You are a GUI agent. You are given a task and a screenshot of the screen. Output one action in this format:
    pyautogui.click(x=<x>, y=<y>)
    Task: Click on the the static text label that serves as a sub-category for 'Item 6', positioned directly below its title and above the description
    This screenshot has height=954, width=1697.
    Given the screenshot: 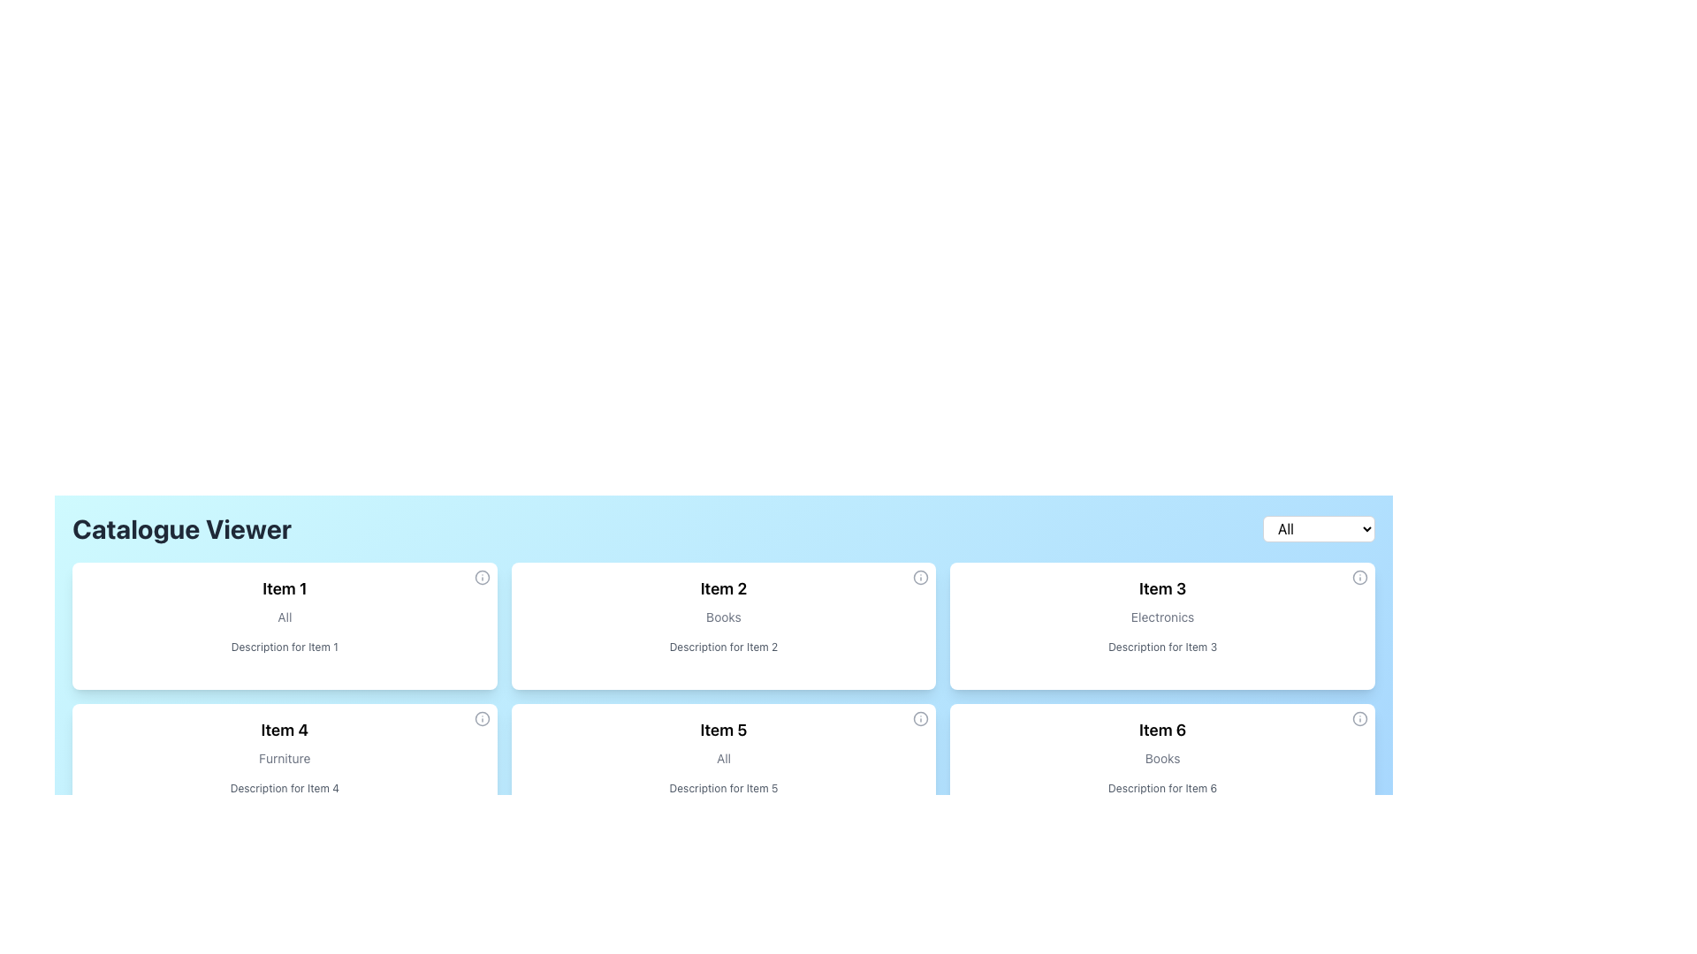 What is the action you would take?
    pyautogui.click(x=1162, y=758)
    